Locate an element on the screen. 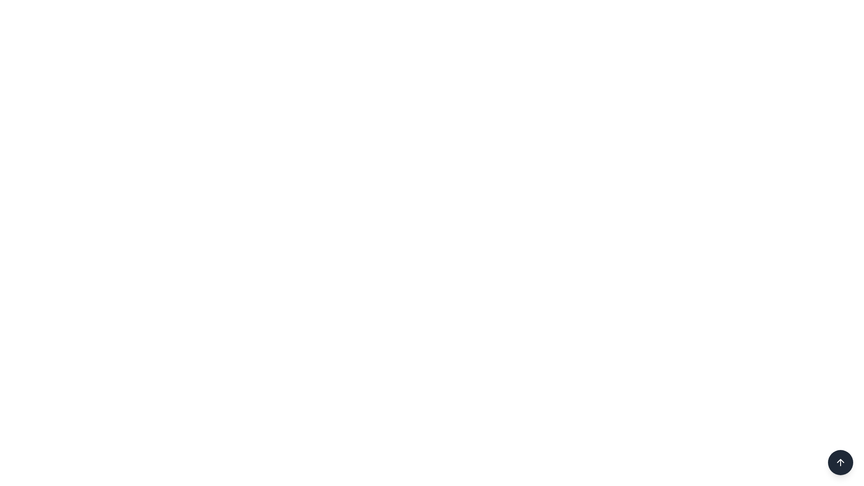 The image size is (864, 486). the circular green refresh button with a glowing hover effect located at the bottom-right corner of the interface to refresh the content is located at coordinates (840, 393).